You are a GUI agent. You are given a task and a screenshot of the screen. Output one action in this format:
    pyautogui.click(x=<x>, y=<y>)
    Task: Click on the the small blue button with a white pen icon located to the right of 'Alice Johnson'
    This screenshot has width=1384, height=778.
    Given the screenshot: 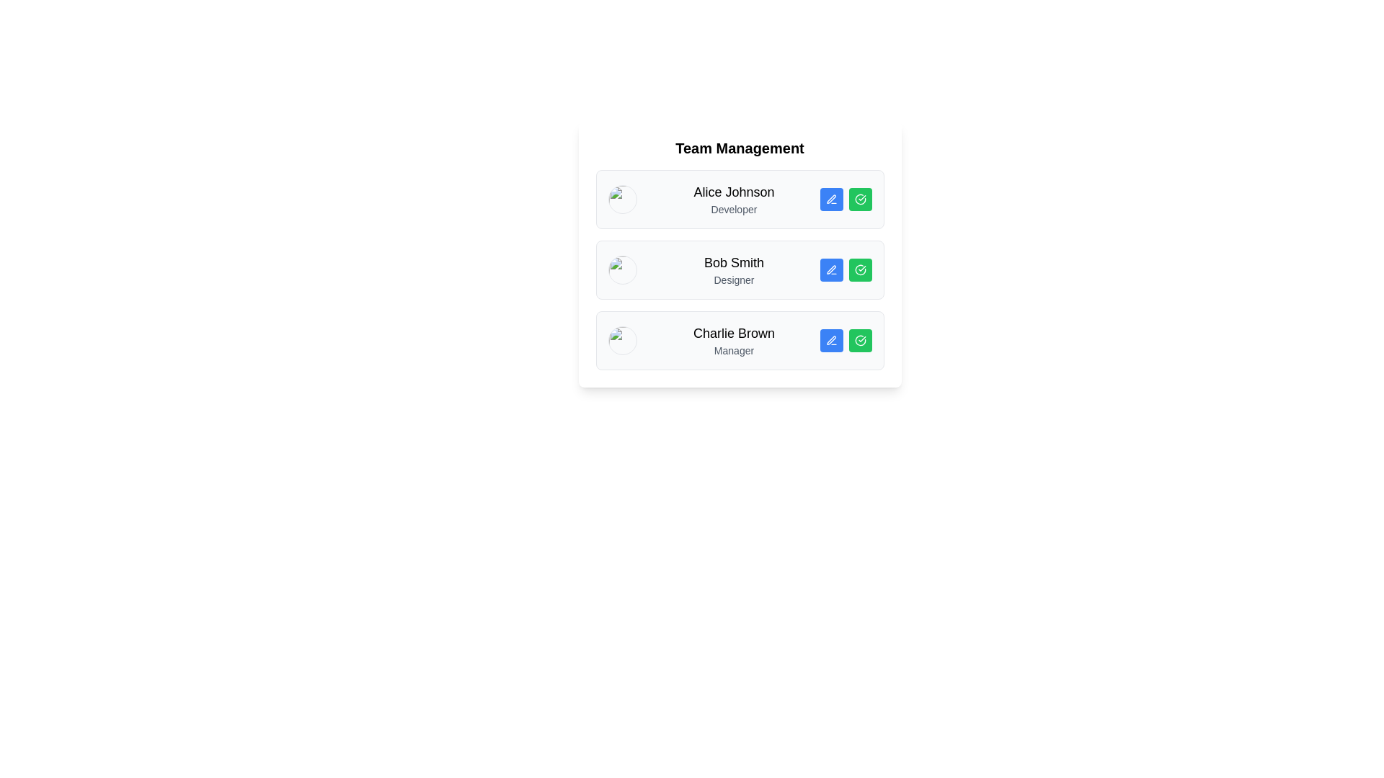 What is the action you would take?
    pyautogui.click(x=831, y=200)
    